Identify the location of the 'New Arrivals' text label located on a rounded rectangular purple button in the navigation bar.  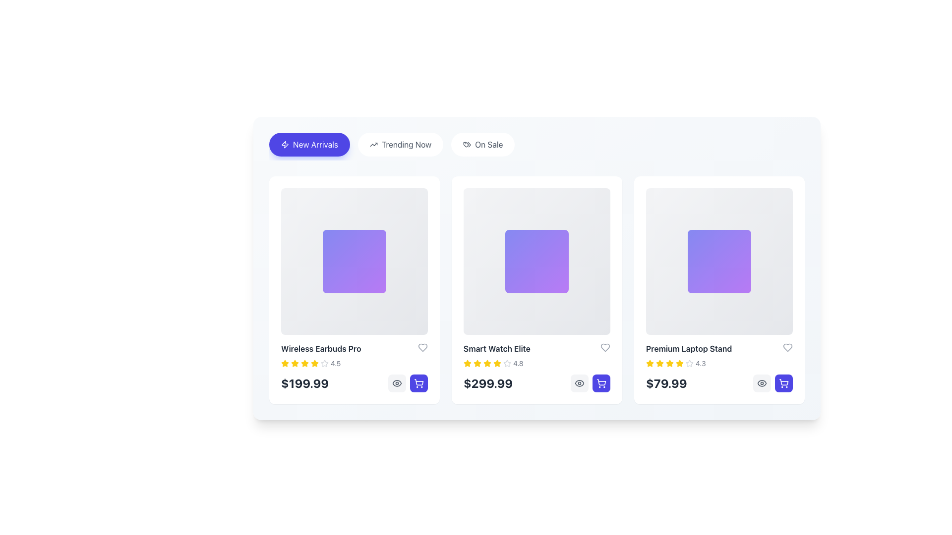
(315, 145).